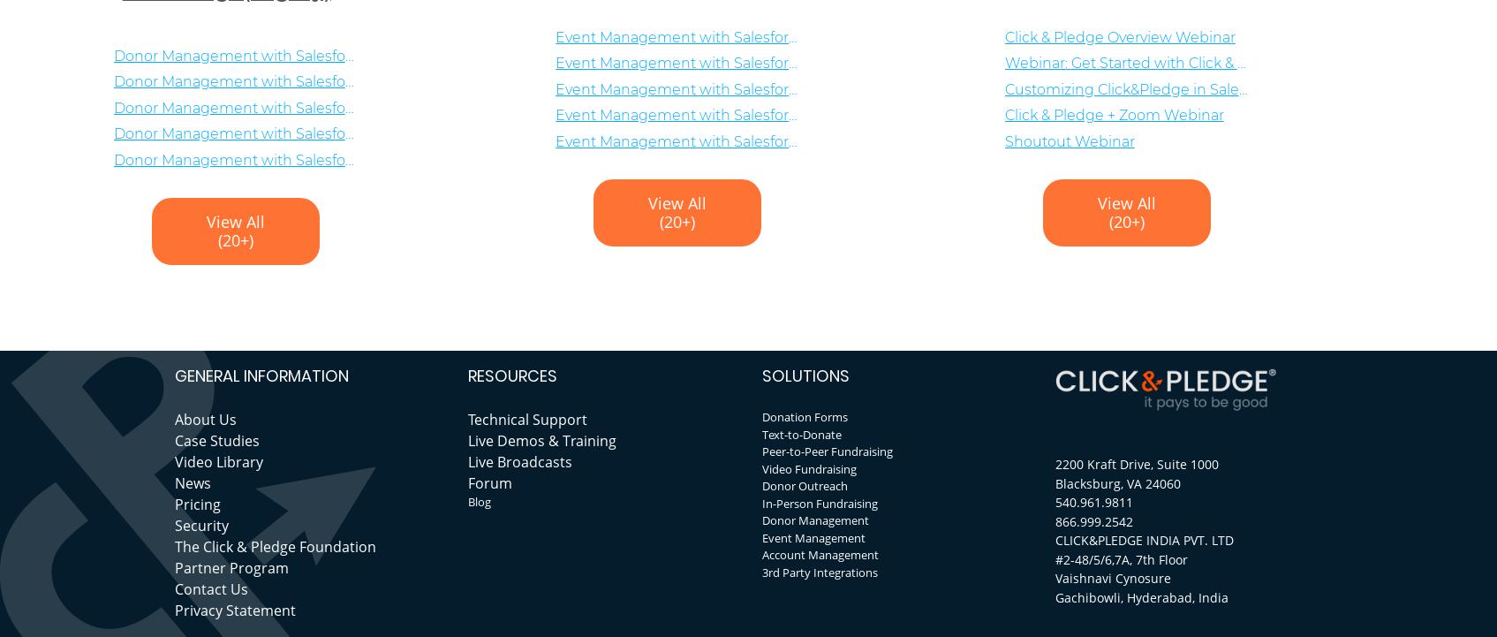 This screenshot has width=1497, height=637. I want to click on '3rd Party Integrations', so click(819, 572).